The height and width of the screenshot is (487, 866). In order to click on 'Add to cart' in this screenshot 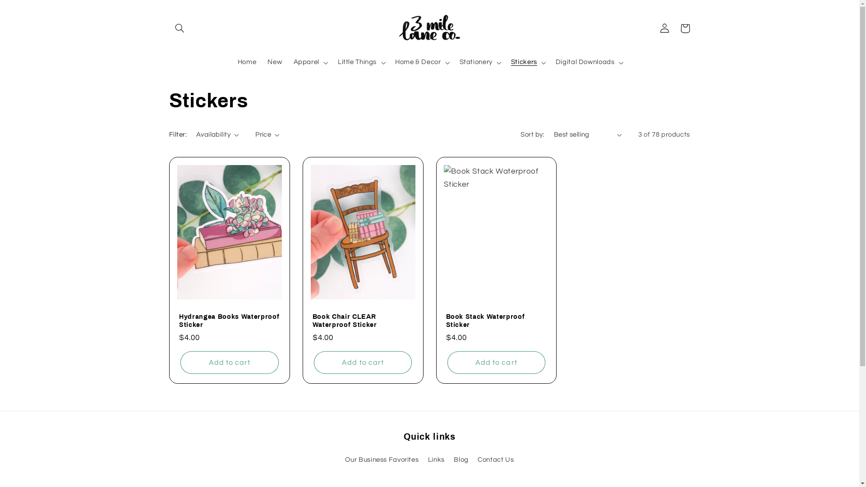, I will do `click(363, 362)`.